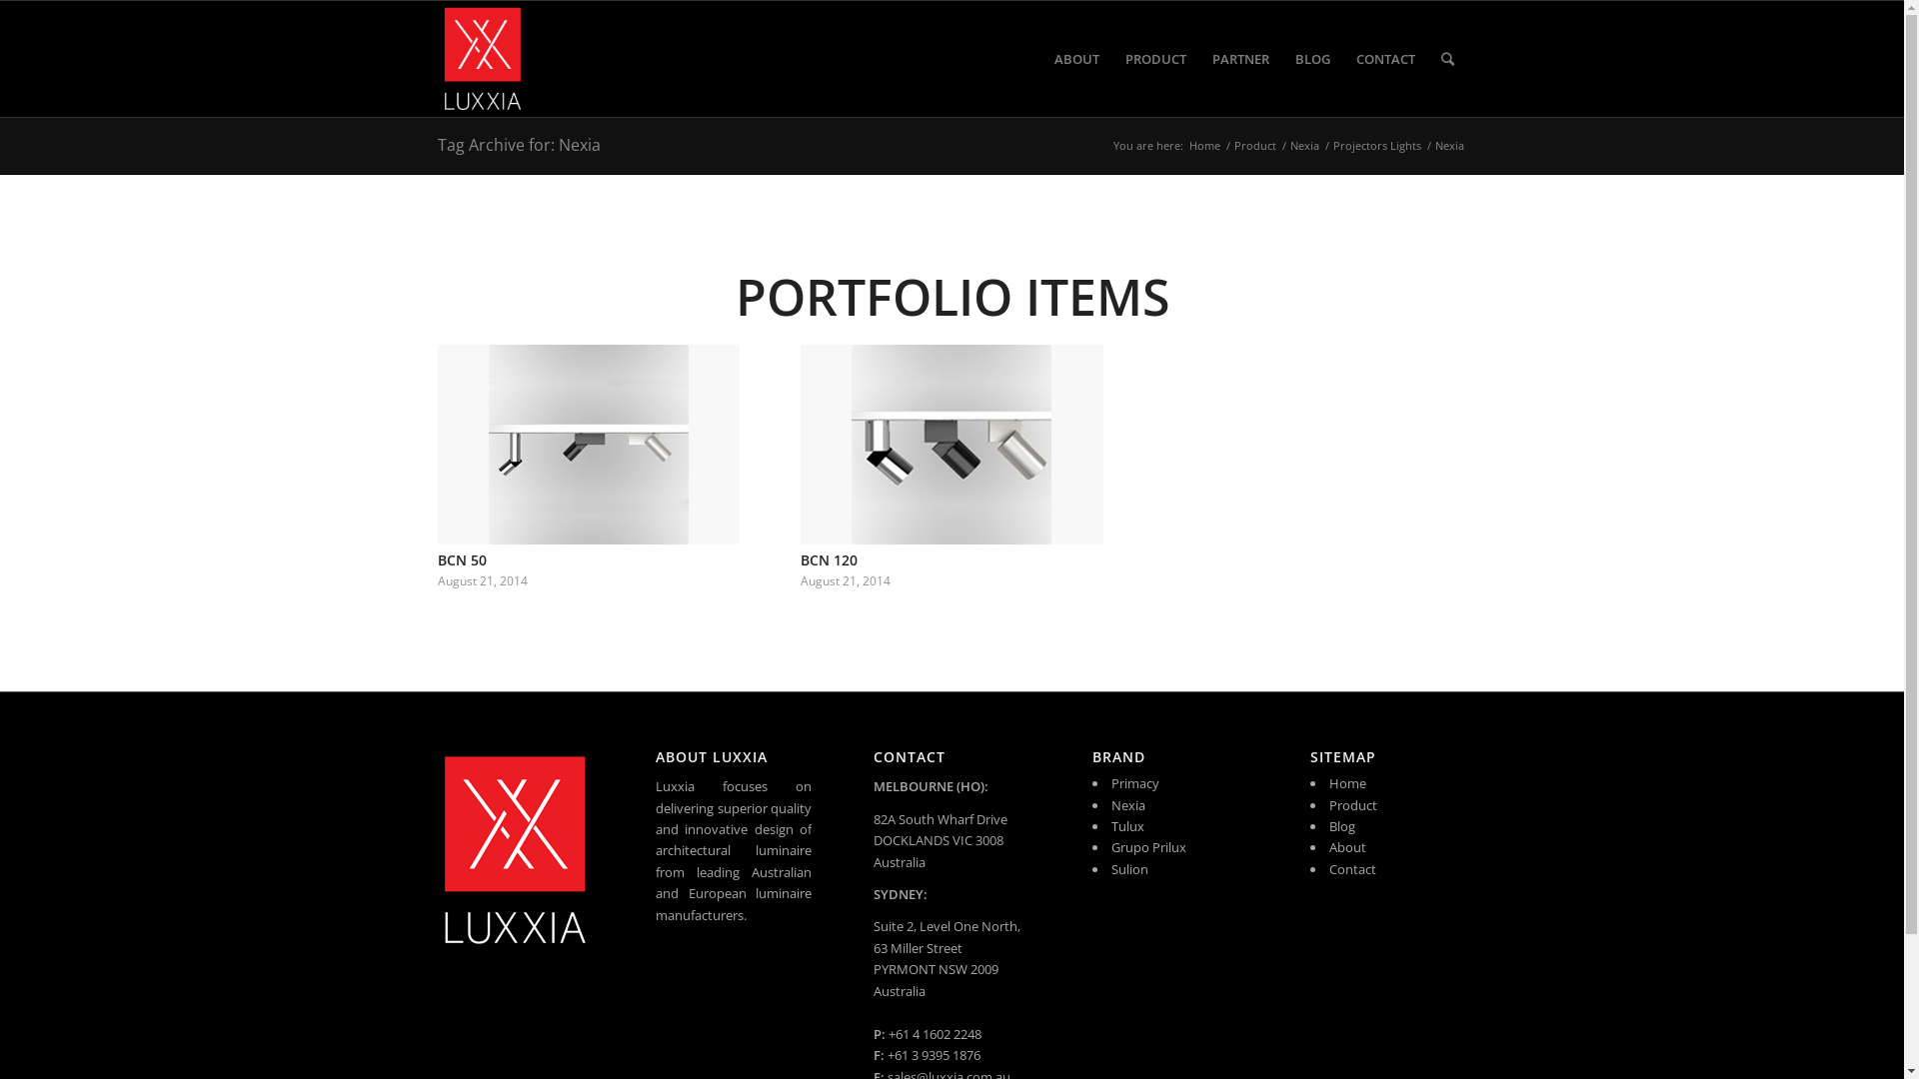 The height and width of the screenshot is (1079, 1919). Describe the element at coordinates (461, 559) in the screenshot. I see `'BCN 50'` at that location.